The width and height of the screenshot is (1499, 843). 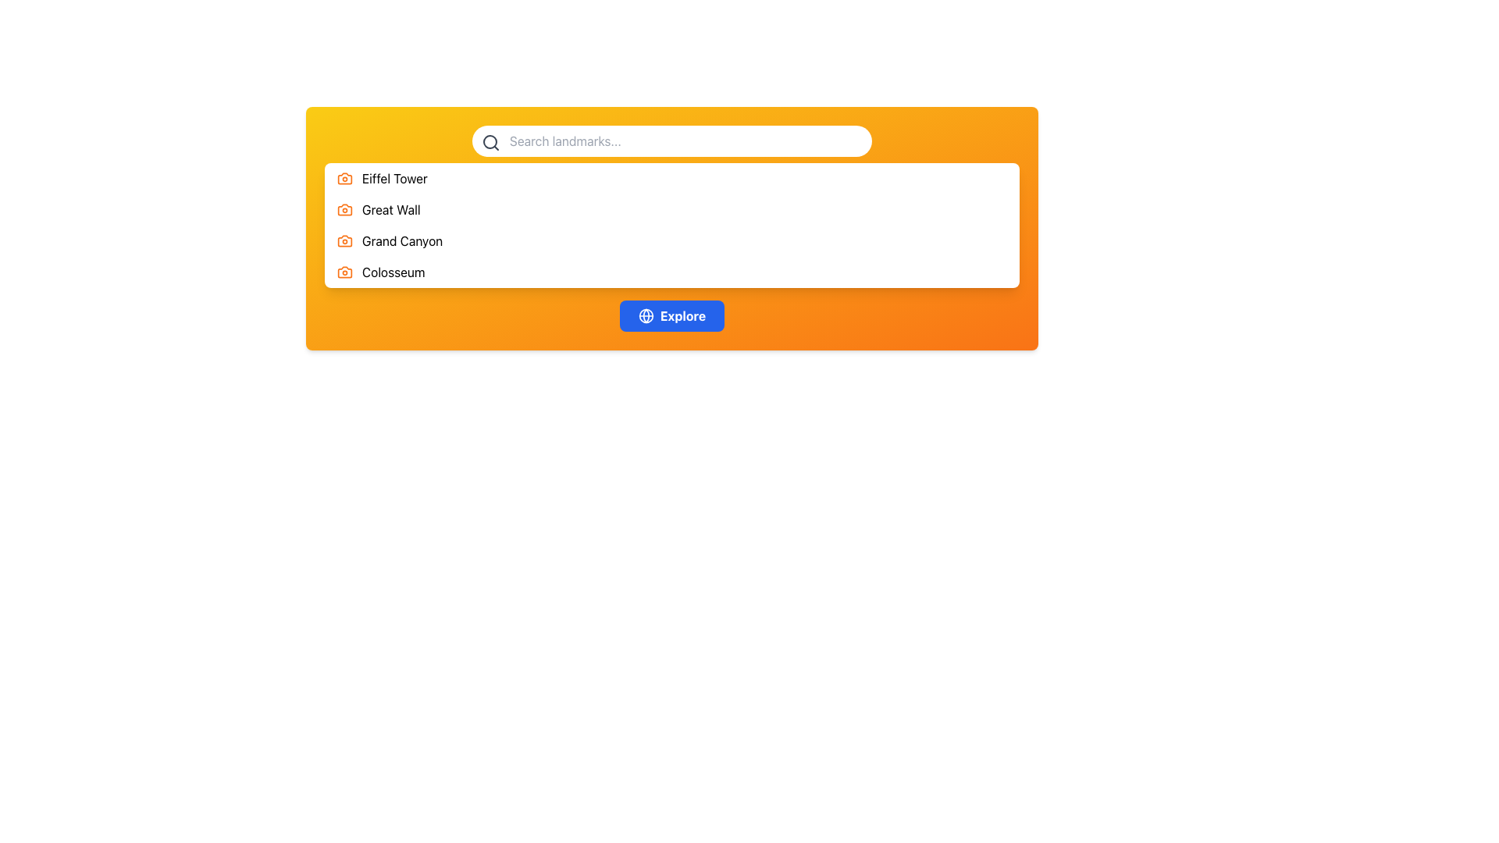 What do you see at coordinates (344, 177) in the screenshot?
I see `the orange camera icon, which is the first icon in the list associated with the text 'Eiffel Tower', located near the top-left corner of the white rectangular box` at bounding box center [344, 177].